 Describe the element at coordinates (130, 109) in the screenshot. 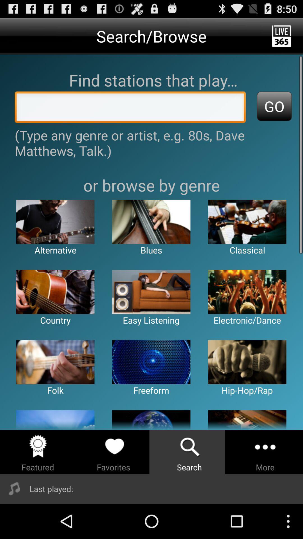

I see `search stations` at that location.